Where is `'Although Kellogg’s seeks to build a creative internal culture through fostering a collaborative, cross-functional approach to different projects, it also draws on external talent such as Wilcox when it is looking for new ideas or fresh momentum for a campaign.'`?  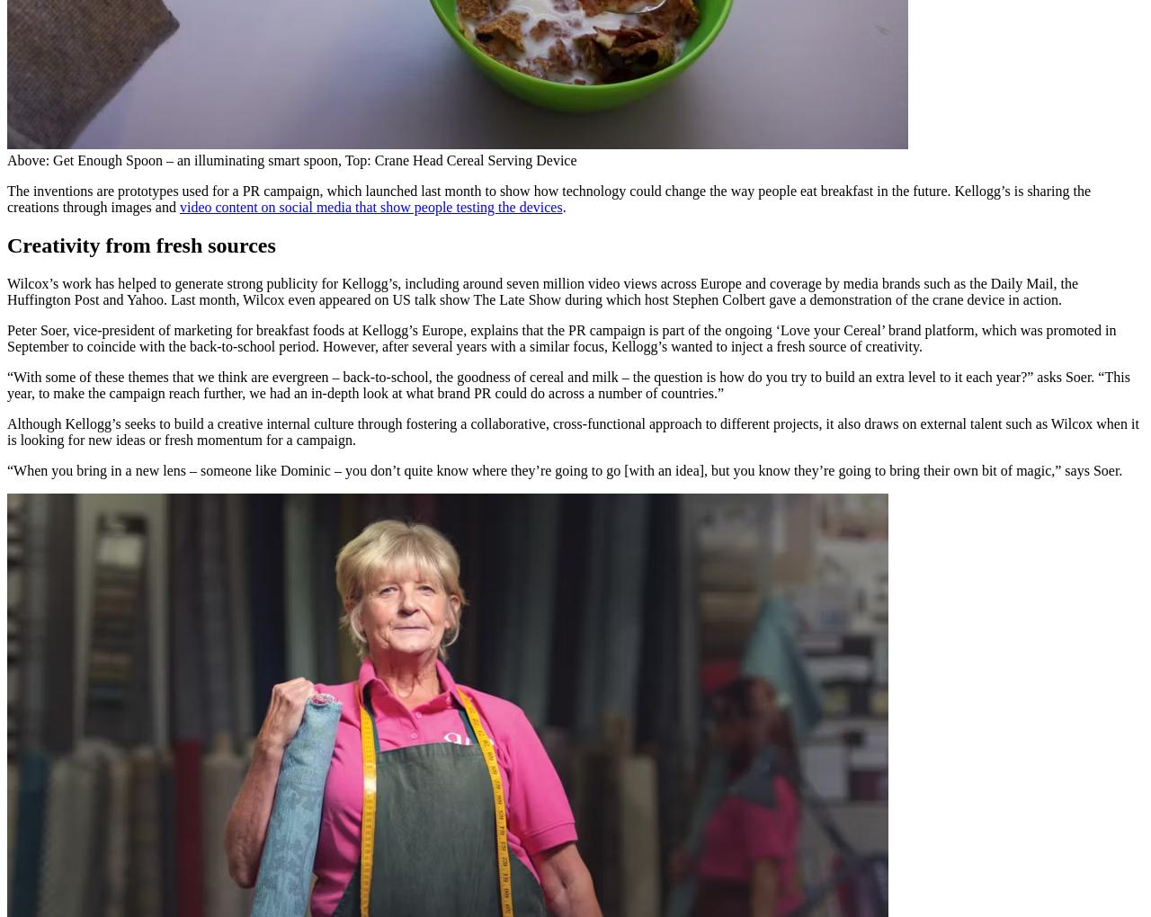 'Although Kellogg’s seeks to build a creative internal culture through fostering a collaborative, cross-functional approach to different projects, it also draws on external talent such as Wilcox when it is looking for new ideas or fresh momentum for a campaign.' is located at coordinates (572, 431).